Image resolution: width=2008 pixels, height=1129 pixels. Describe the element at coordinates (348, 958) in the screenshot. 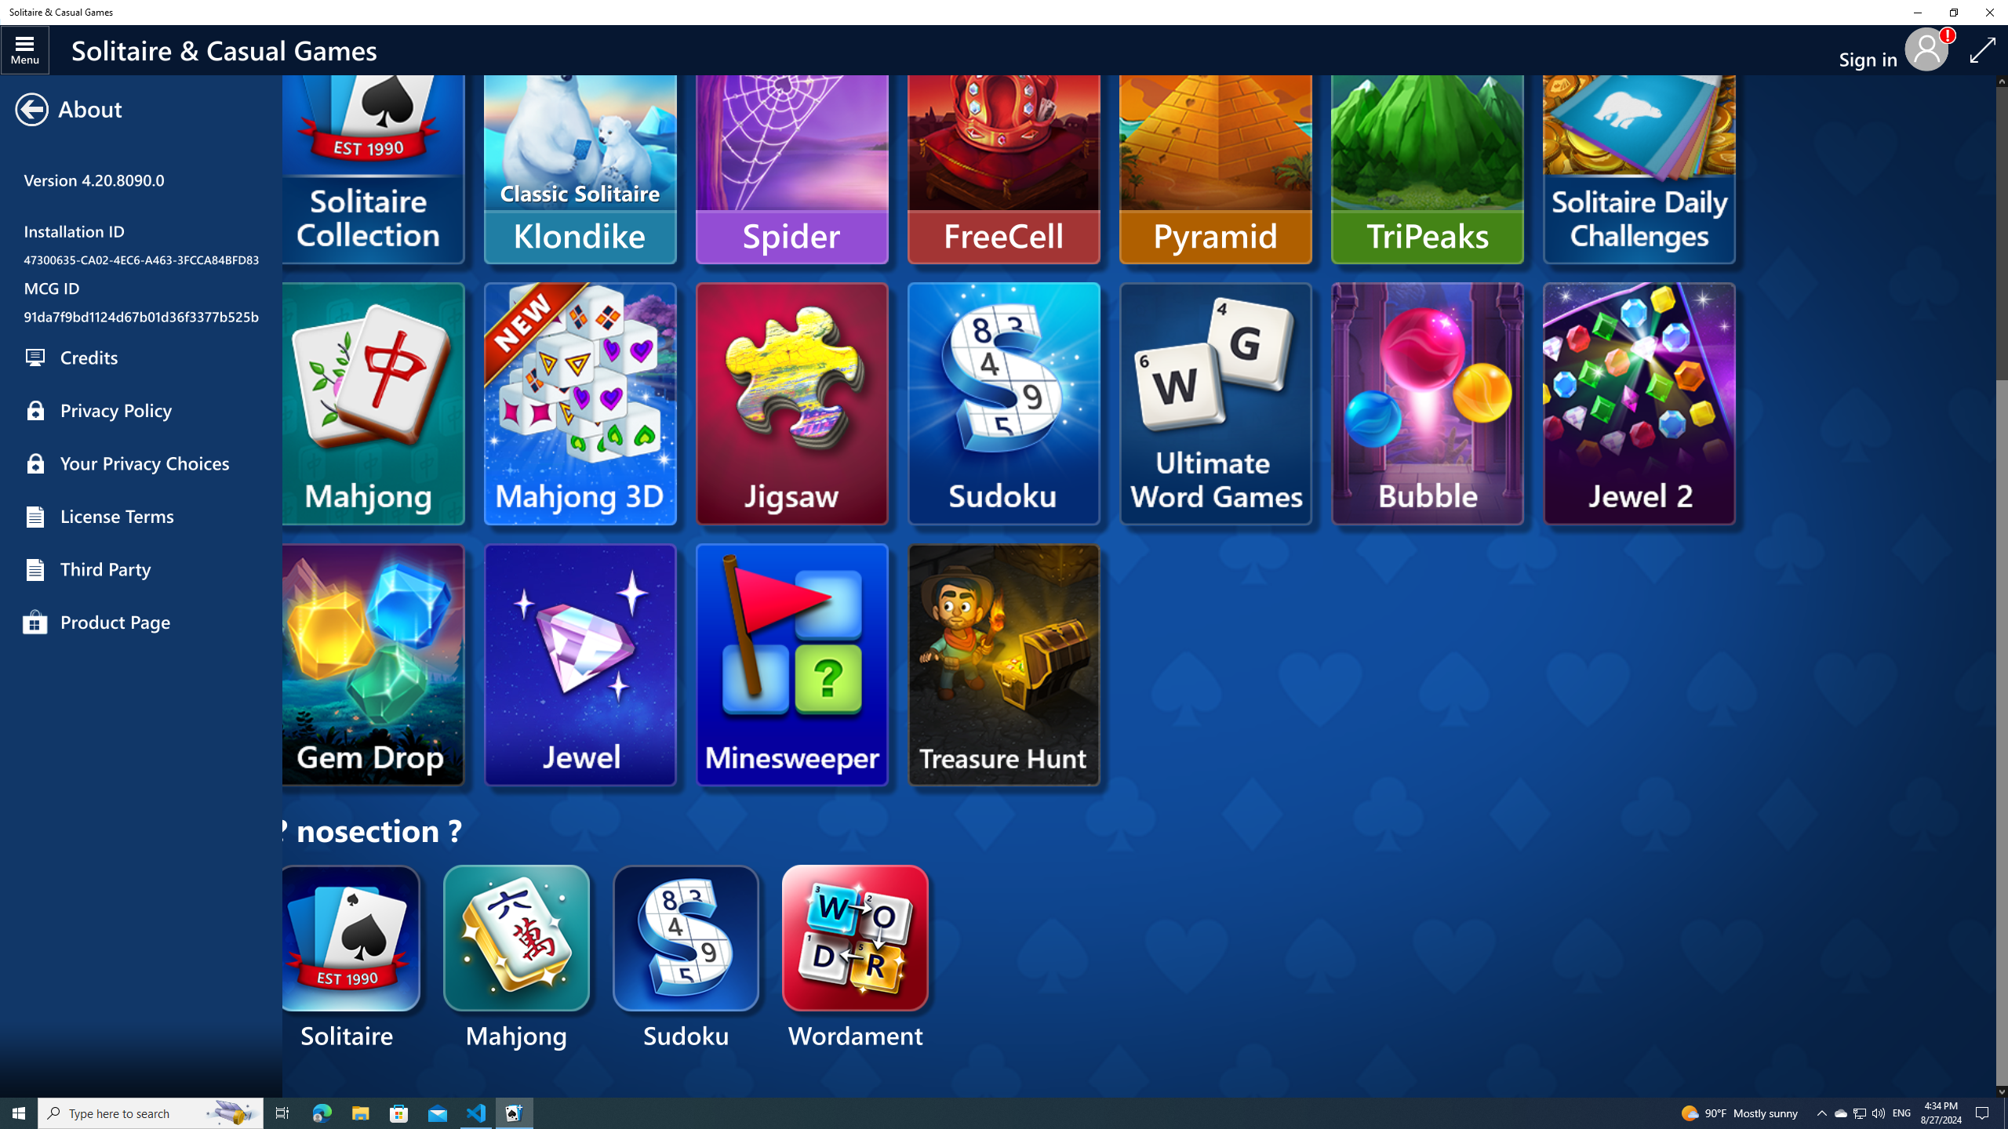

I see `'Solitaire'` at that location.